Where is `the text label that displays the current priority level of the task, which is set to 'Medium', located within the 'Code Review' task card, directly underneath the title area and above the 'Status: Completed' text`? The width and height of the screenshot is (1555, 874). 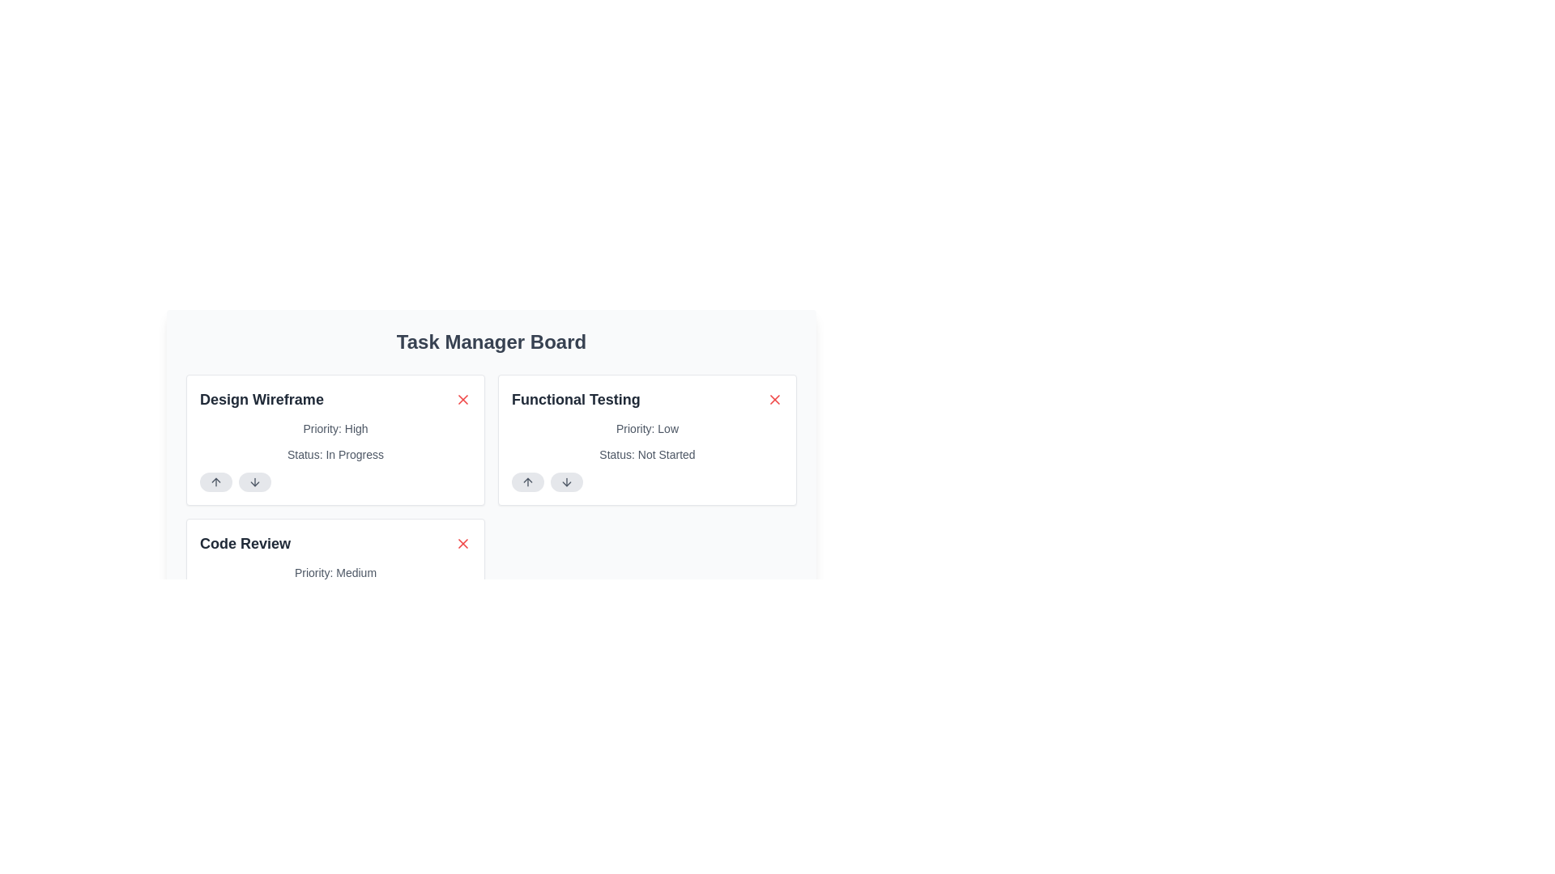 the text label that displays the current priority level of the task, which is set to 'Medium', located within the 'Code Review' task card, directly underneath the title area and above the 'Status: Completed' text is located at coordinates (334, 572).